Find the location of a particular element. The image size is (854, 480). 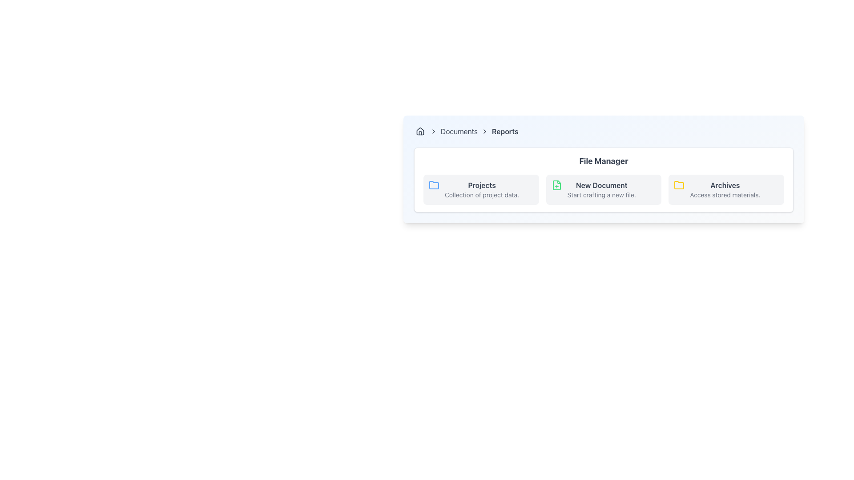

the descriptive text label that provides additional information about the 'New Document' action, located in the central section of the File Manager interface is located at coordinates (601, 195).